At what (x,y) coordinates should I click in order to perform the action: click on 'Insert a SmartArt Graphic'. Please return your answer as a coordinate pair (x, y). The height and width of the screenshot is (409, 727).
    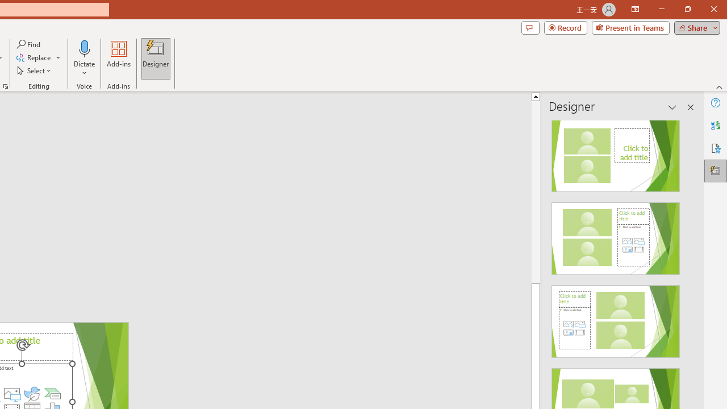
    Looking at the image, I should click on (52, 393).